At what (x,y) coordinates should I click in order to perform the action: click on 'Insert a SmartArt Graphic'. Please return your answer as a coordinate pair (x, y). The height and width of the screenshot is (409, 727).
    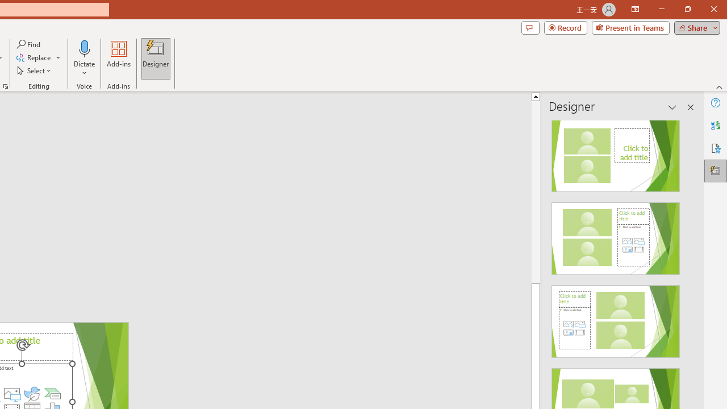
    Looking at the image, I should click on (52, 393).